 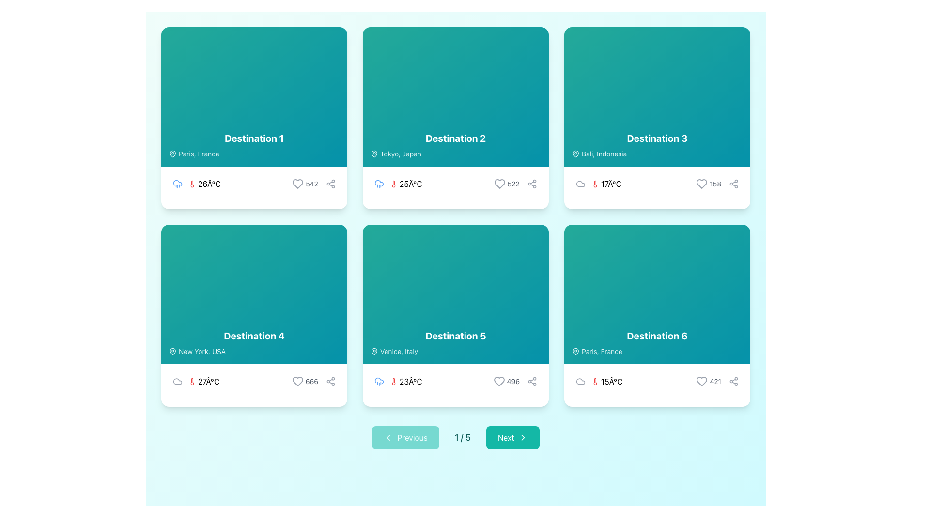 What do you see at coordinates (581, 381) in the screenshot?
I see `the cloud icon located in the bottom-right card under the 'Destination 6' title, next to the temperature reading (15°C)` at bounding box center [581, 381].